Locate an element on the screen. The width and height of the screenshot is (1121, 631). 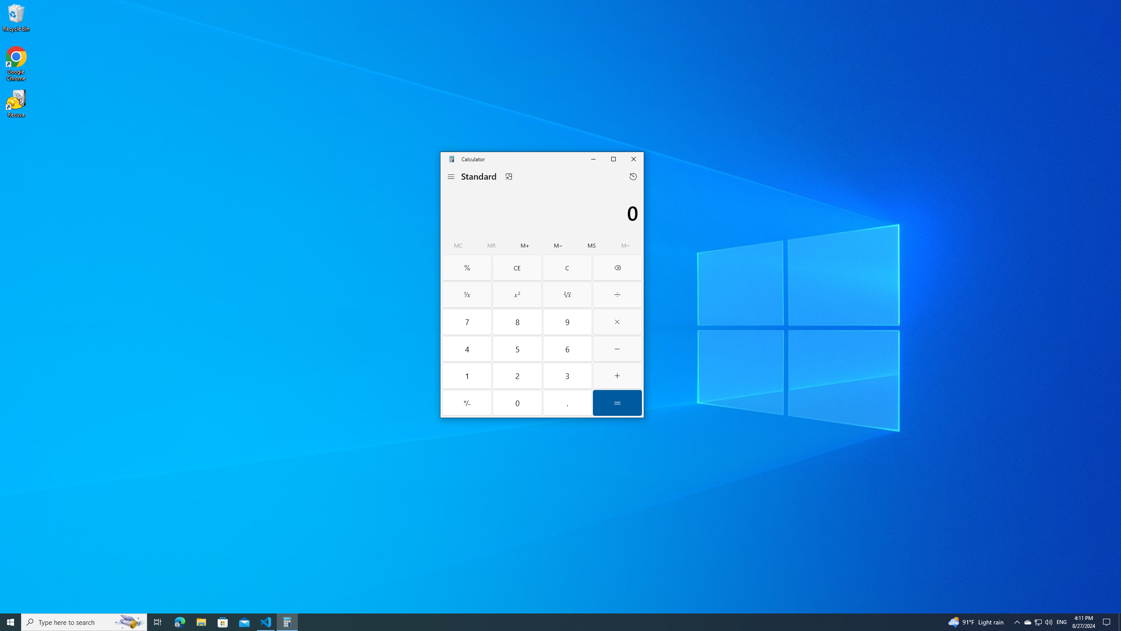
'Decimal separator' is located at coordinates (567, 403).